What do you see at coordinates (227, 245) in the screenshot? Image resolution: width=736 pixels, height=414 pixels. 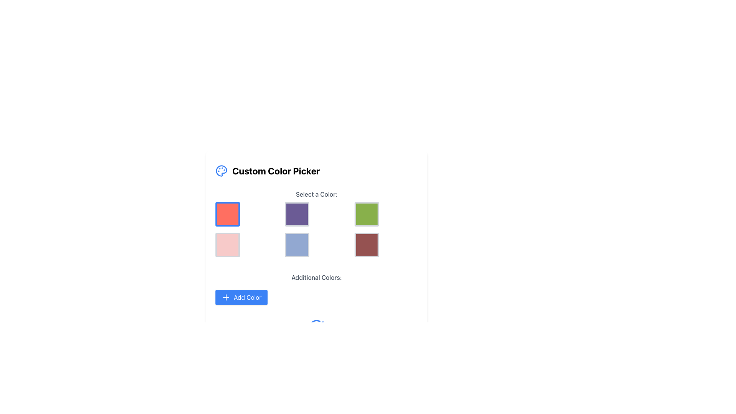 I see `the interactive button with a pastel pink background and gray border located in the bottom-left cell of the 3x2 grid layout under the 'Select a Color' section` at bounding box center [227, 245].